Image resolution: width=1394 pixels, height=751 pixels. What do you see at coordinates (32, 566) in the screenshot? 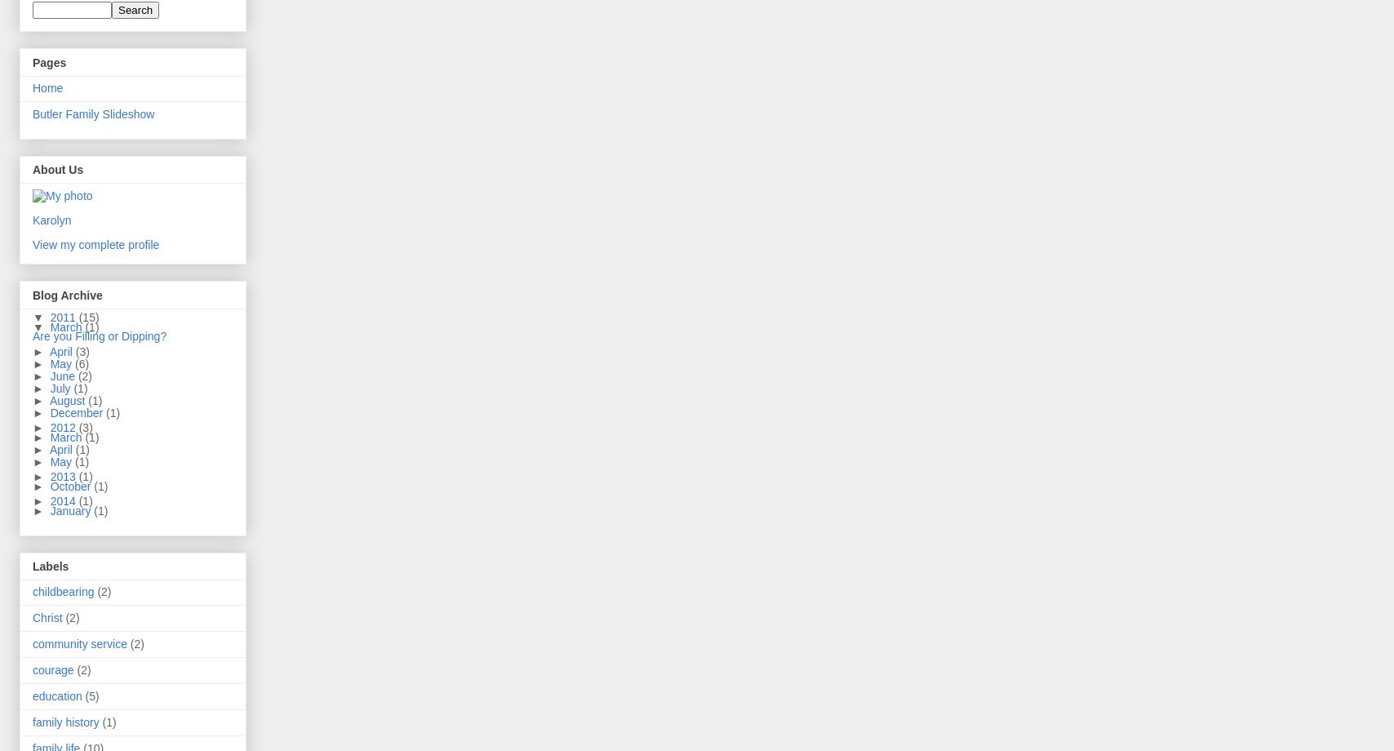
I see `'Labels'` at bounding box center [32, 566].